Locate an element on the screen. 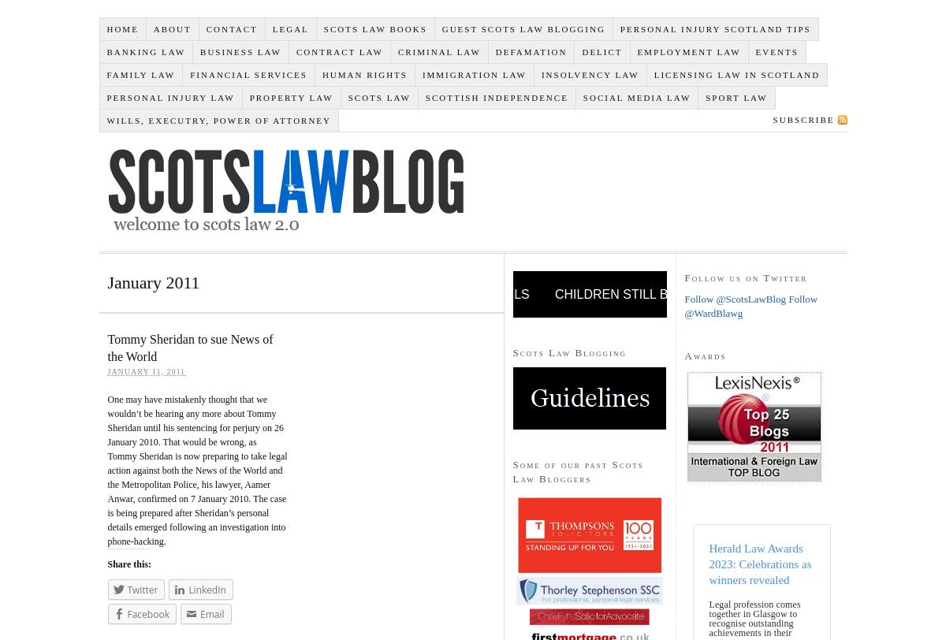 The width and height of the screenshot is (946, 640). 'Wills, Executry, Power of Attorney' is located at coordinates (218, 120).